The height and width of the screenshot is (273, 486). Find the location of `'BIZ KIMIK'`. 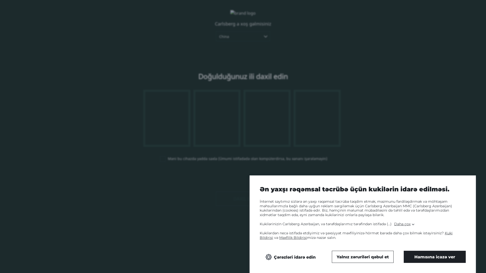

'BIZ KIMIK' is located at coordinates (268, 16).